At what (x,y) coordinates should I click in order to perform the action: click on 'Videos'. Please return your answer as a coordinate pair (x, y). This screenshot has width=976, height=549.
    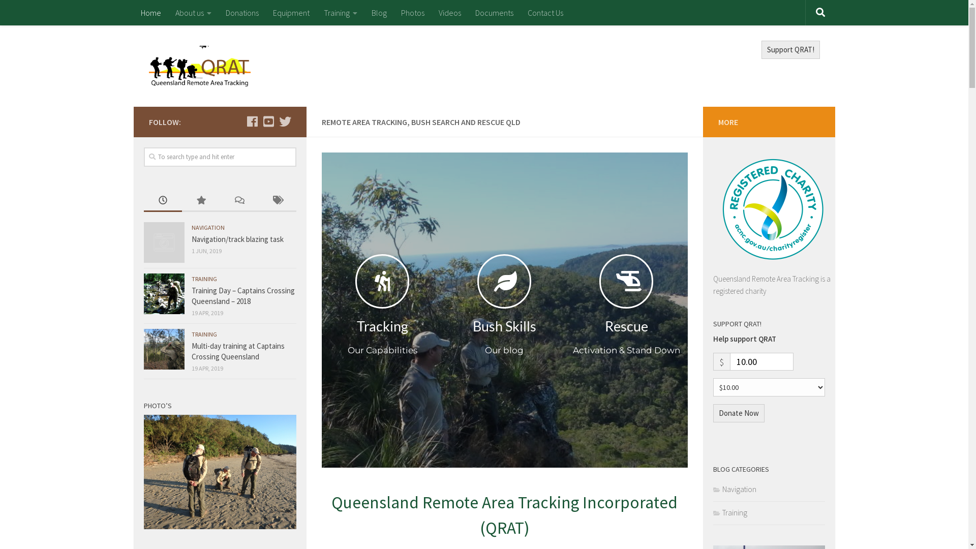
    Looking at the image, I should click on (448, 12).